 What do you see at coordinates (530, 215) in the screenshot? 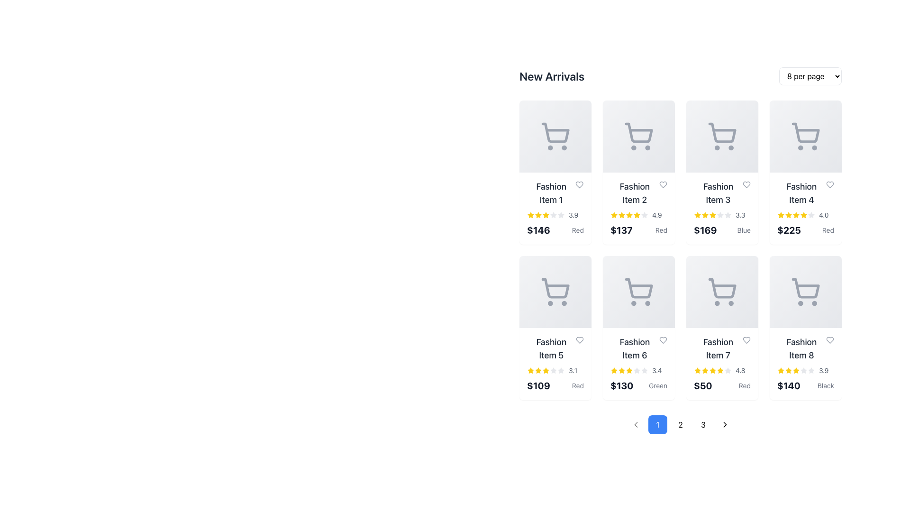
I see `the filled yellow star icon representing the rating indicator next to the text '3.9' for 'Fashion Item 1' in the 'New Arrivals' section` at bounding box center [530, 215].